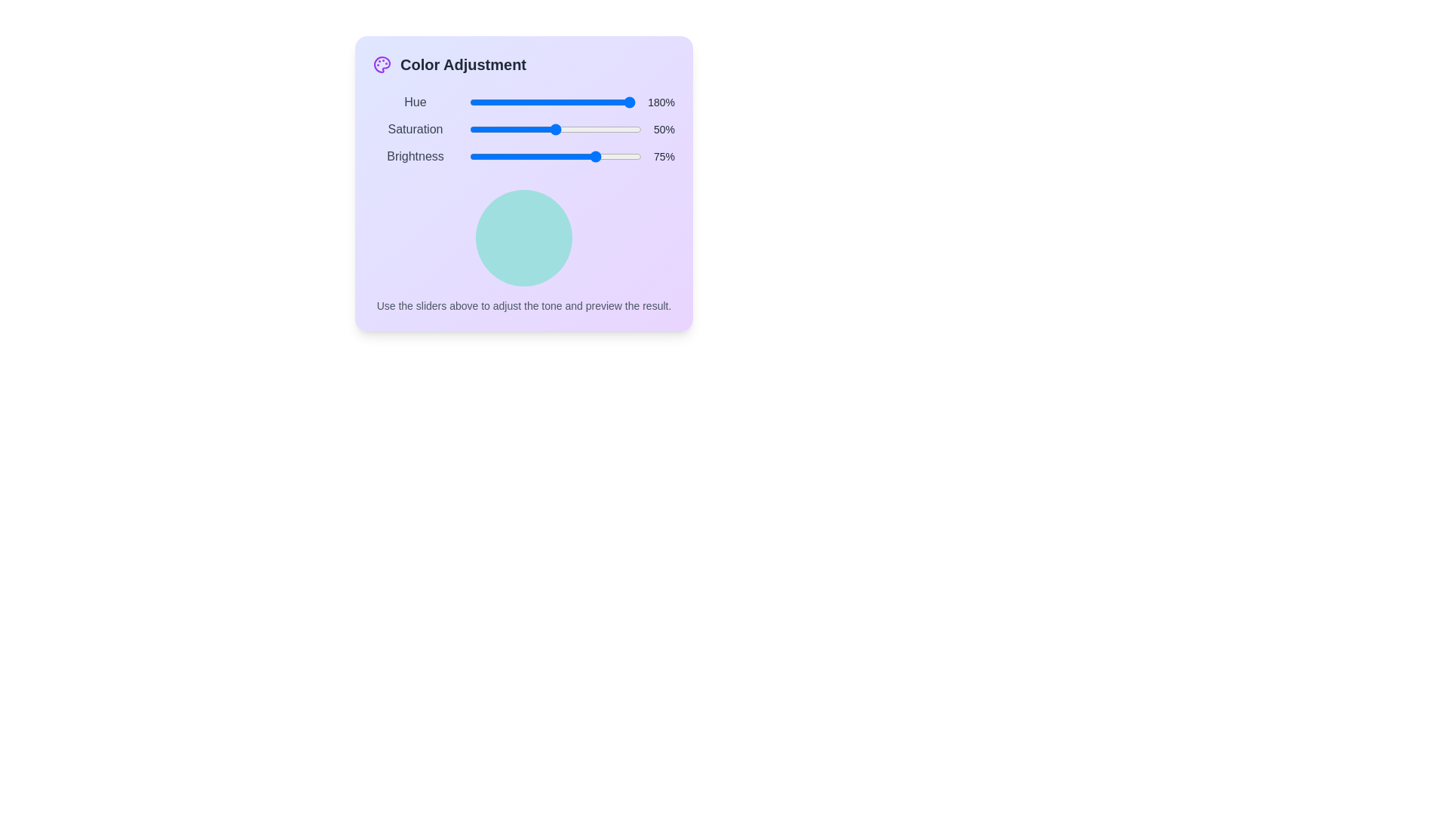  I want to click on the 1 slider to 53% to observe the resulting color in the preview circle, so click(557, 129).